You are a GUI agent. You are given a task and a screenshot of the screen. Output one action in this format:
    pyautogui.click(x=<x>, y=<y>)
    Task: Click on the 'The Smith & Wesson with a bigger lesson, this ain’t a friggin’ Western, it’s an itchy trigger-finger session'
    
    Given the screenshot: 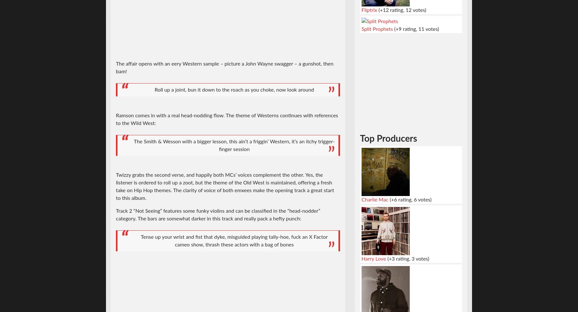 What is the action you would take?
    pyautogui.click(x=234, y=145)
    